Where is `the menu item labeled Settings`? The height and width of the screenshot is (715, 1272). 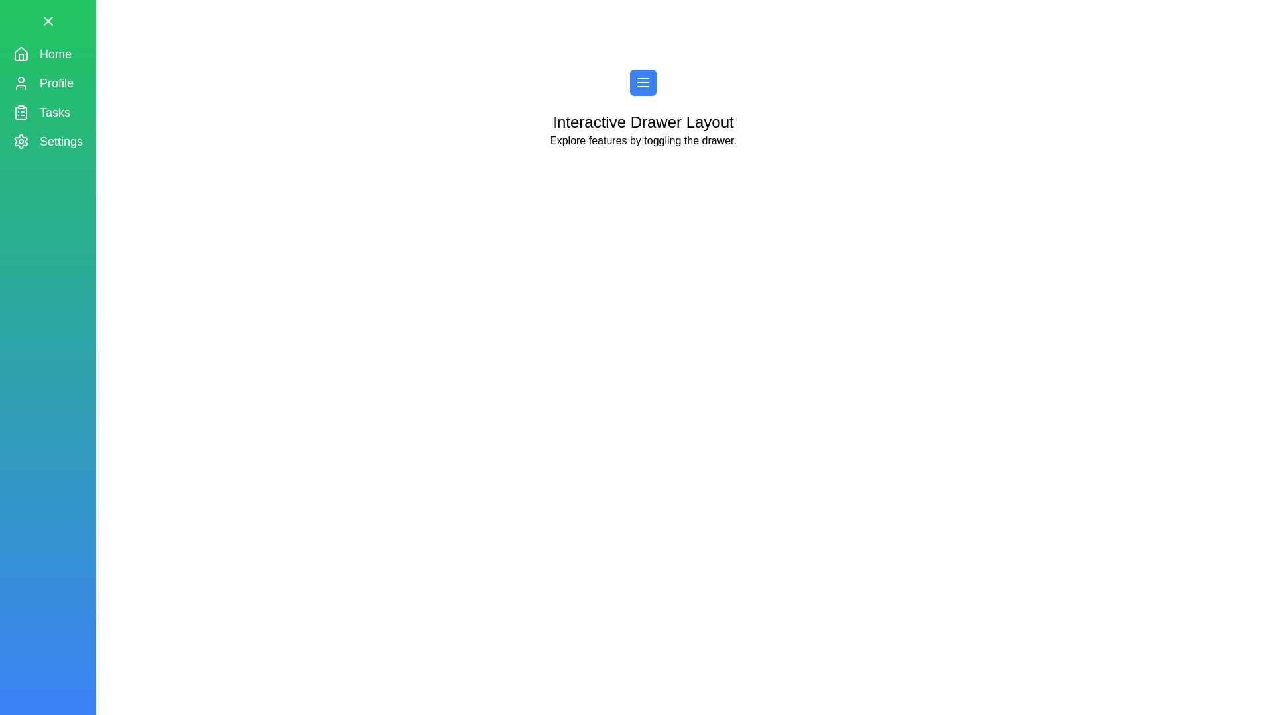
the menu item labeled Settings is located at coordinates (48, 141).